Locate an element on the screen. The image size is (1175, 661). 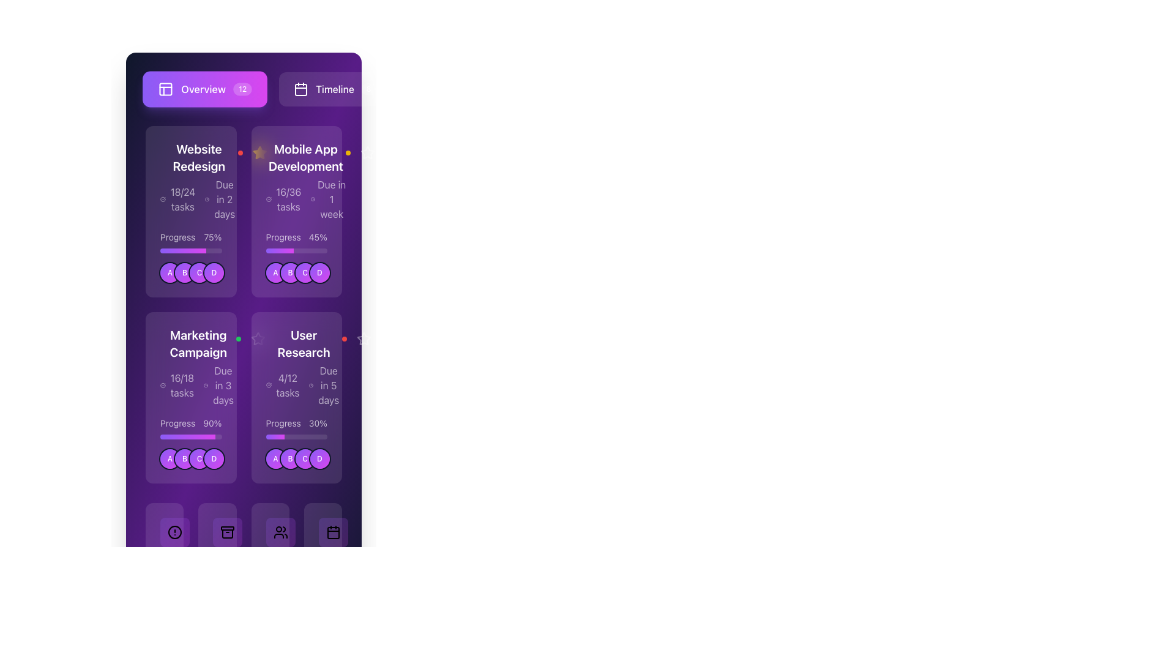
the Text label that shows the task completion status of 4 out of 12 tasks, located in the 'User Research' block in the second row and second column, above the progress bar and below the main title is located at coordinates (283, 384).